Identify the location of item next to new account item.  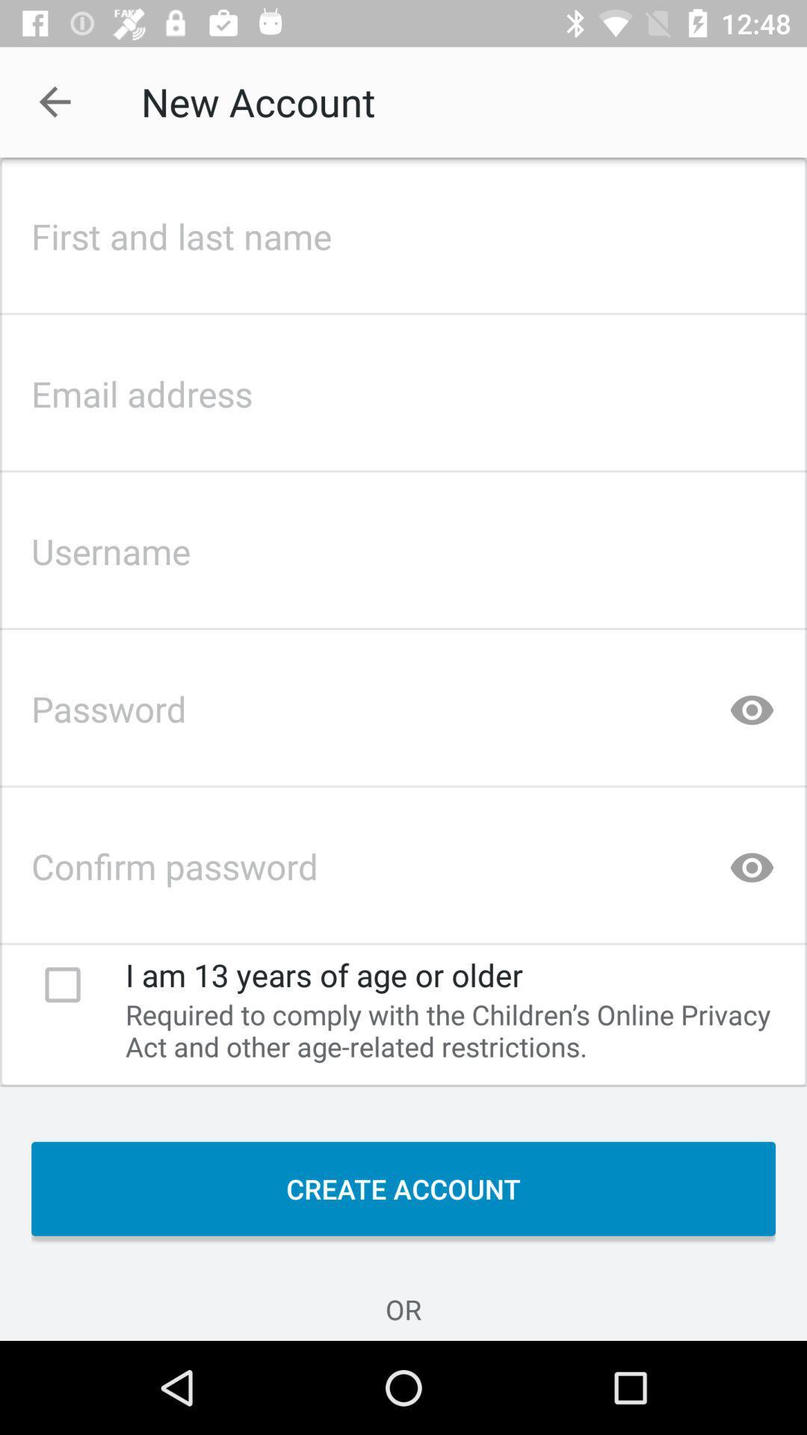
(54, 101).